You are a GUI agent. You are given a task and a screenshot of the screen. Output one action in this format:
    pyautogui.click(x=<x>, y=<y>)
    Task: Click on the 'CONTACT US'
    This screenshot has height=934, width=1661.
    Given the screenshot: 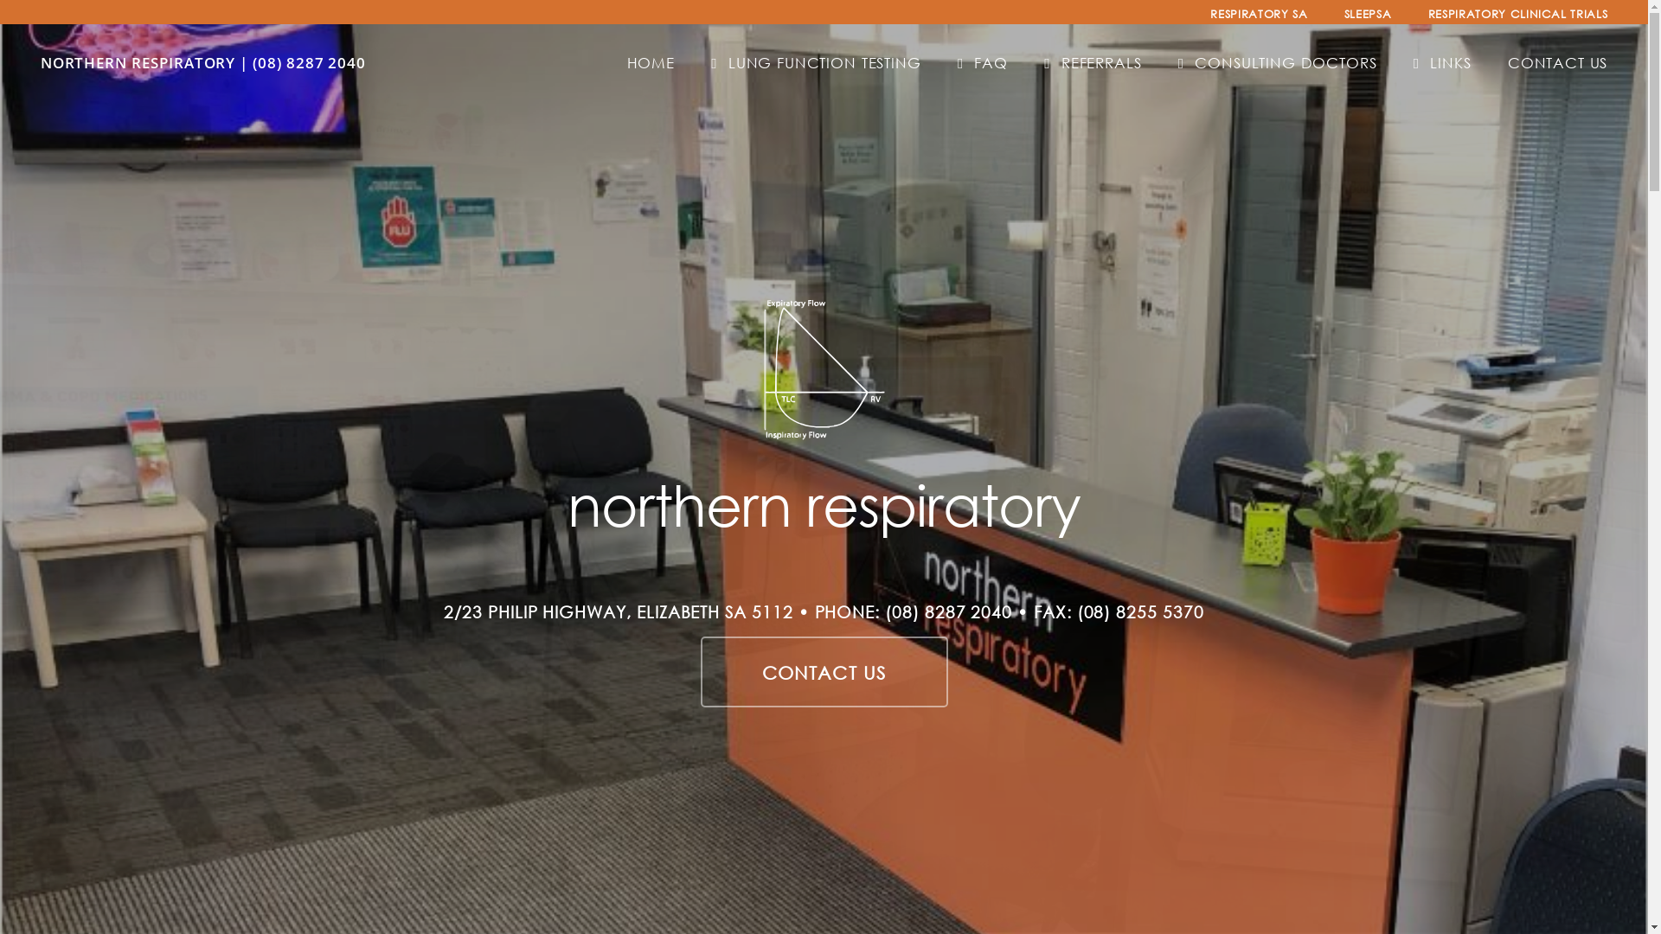 What is the action you would take?
    pyautogui.click(x=824, y=670)
    